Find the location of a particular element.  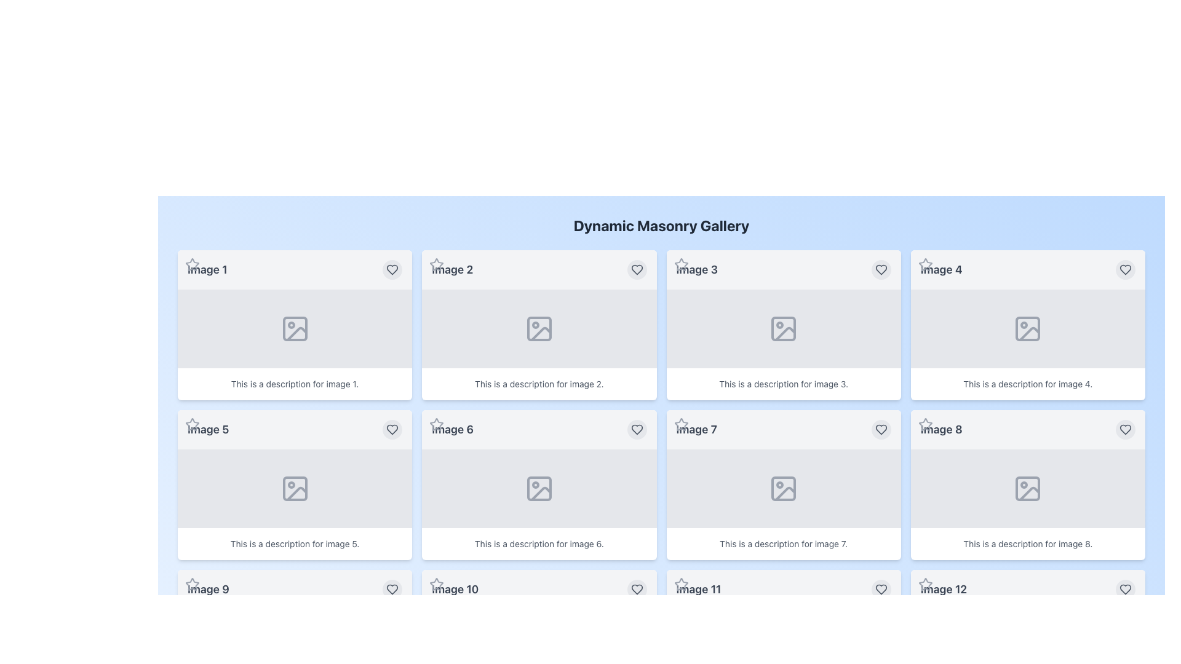

the image placeholder element, which has a light gray background and a centered photo frame icon, located in the first image card under the title 'Image 1' is located at coordinates (294, 328).